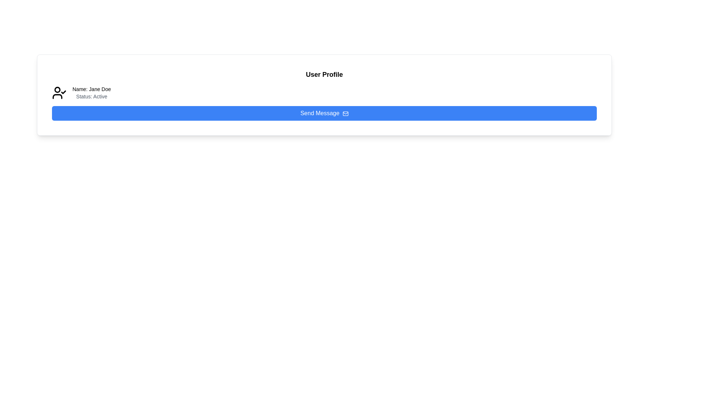 This screenshot has width=703, height=395. I want to click on the icon that visually complements the 'Send Message' text, positioned slightly to the right of it, so click(345, 113).